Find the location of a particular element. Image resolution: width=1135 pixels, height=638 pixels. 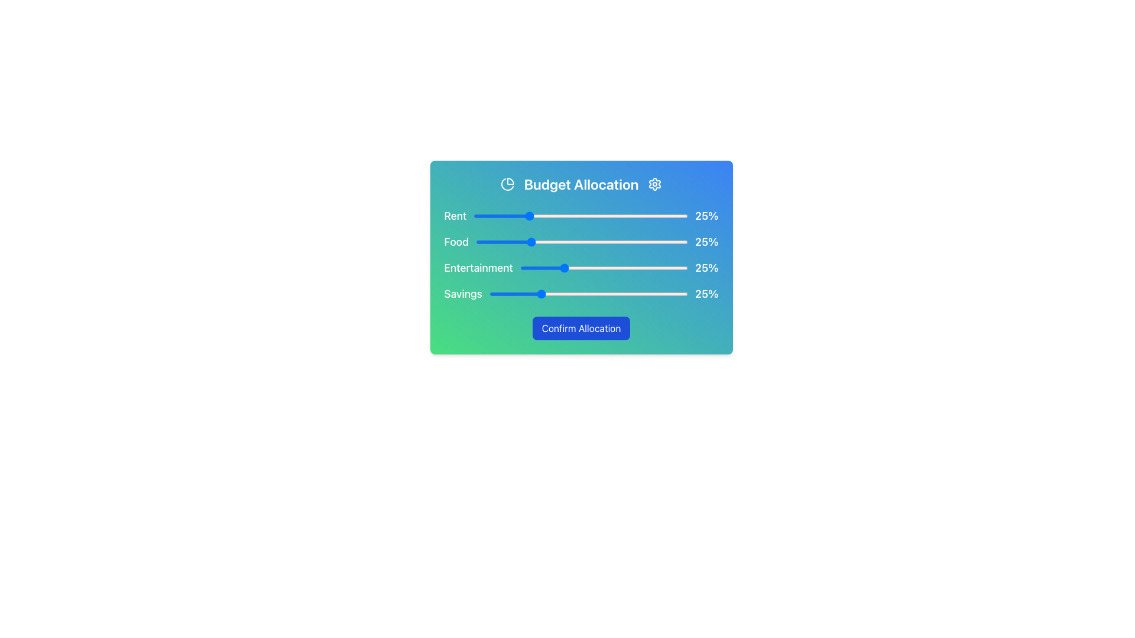

the Entertainment allocation is located at coordinates (572, 268).